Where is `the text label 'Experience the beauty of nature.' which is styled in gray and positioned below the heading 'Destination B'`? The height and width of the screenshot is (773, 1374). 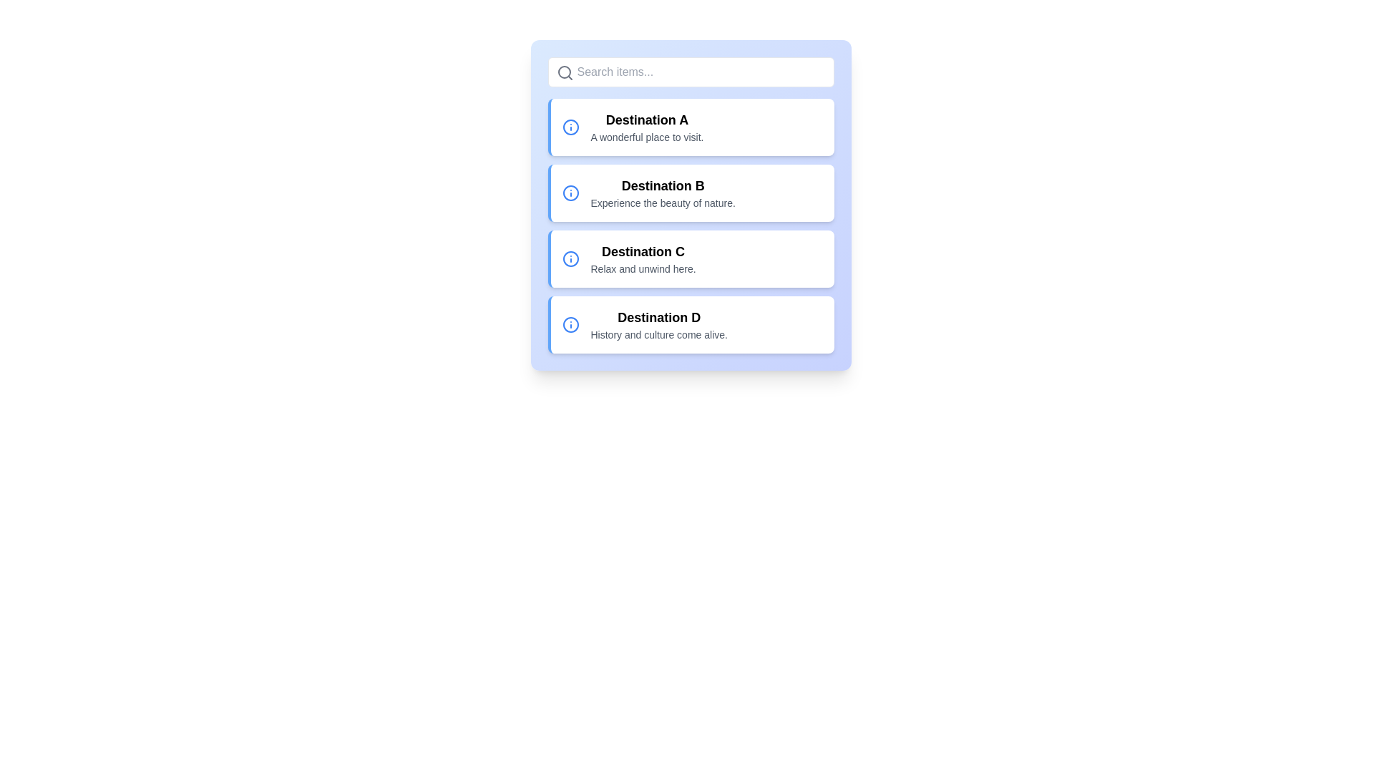
the text label 'Experience the beauty of nature.' which is styled in gray and positioned below the heading 'Destination B' is located at coordinates (662, 203).